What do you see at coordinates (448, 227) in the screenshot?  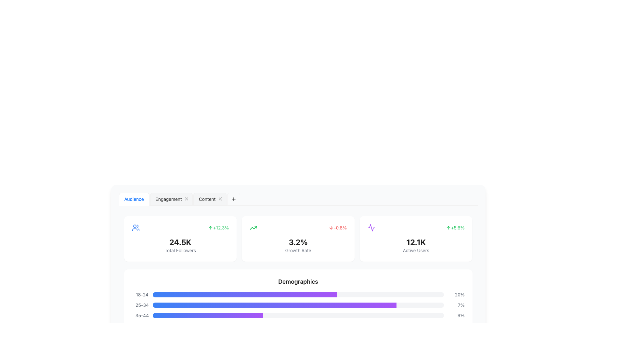 I see `the upward trend icon that is positioned to the left of the '+5.6%' text, located in the top-right corner of the card showing '12.1K Active Users'` at bounding box center [448, 227].